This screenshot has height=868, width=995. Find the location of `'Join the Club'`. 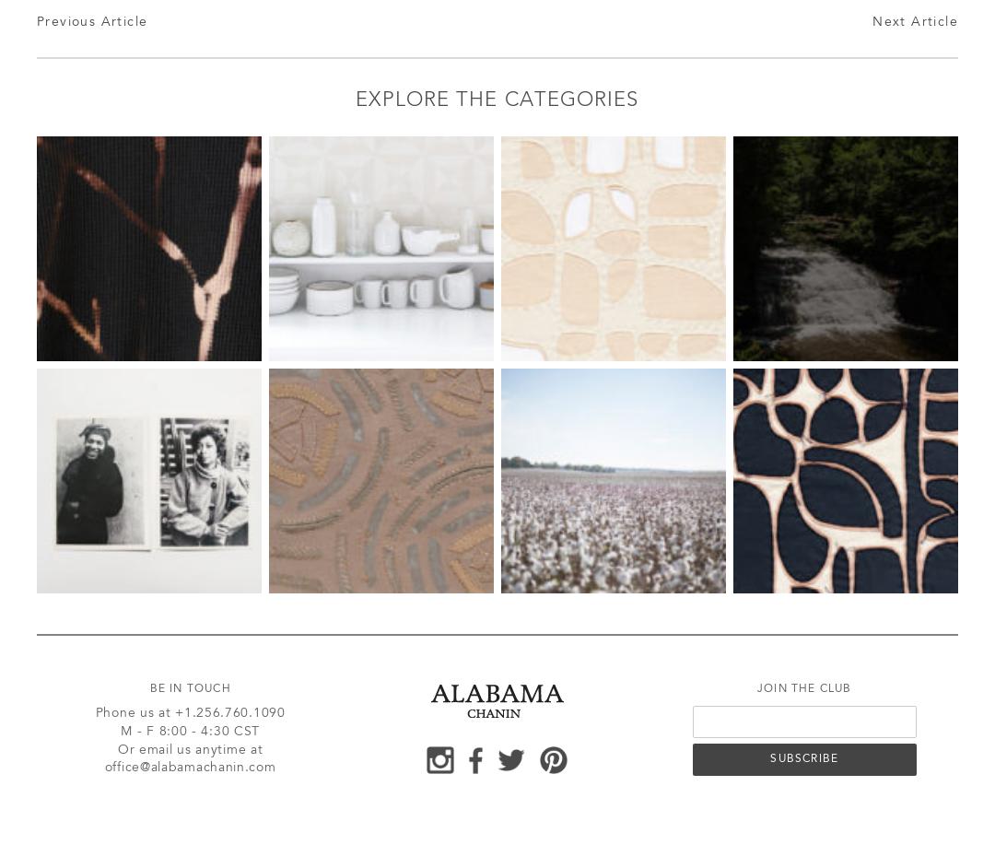

'Join the Club' is located at coordinates (756, 688).